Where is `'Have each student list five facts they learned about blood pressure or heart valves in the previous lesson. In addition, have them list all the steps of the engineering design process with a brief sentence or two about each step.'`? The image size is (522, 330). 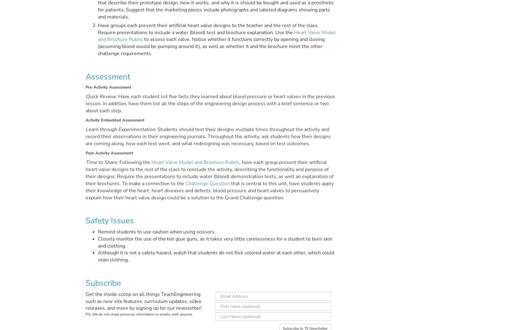 'Have each student list five facts they learned about blood pressure or heart valves in the previous lesson. In addition, have them list all the steps of the engineering design process with a brief sentence or two about each step.' is located at coordinates (210, 103).